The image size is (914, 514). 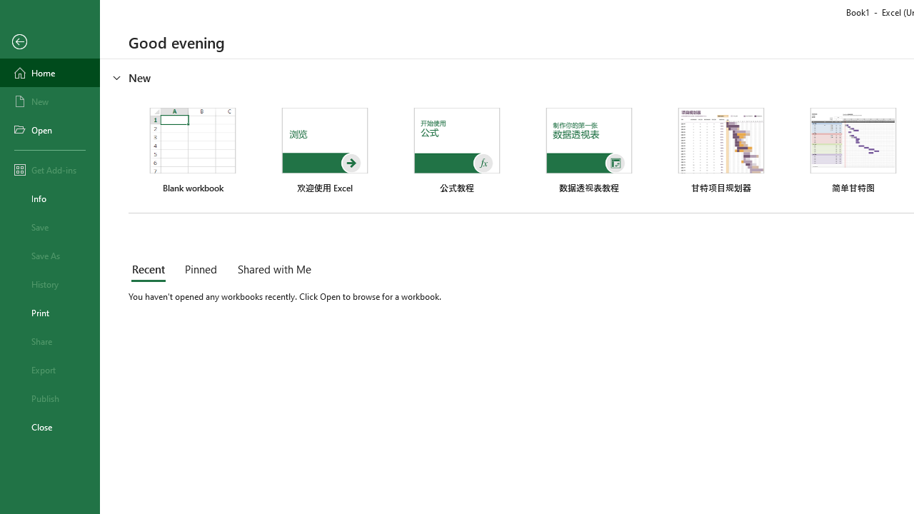 I want to click on 'Pinned', so click(x=199, y=271).